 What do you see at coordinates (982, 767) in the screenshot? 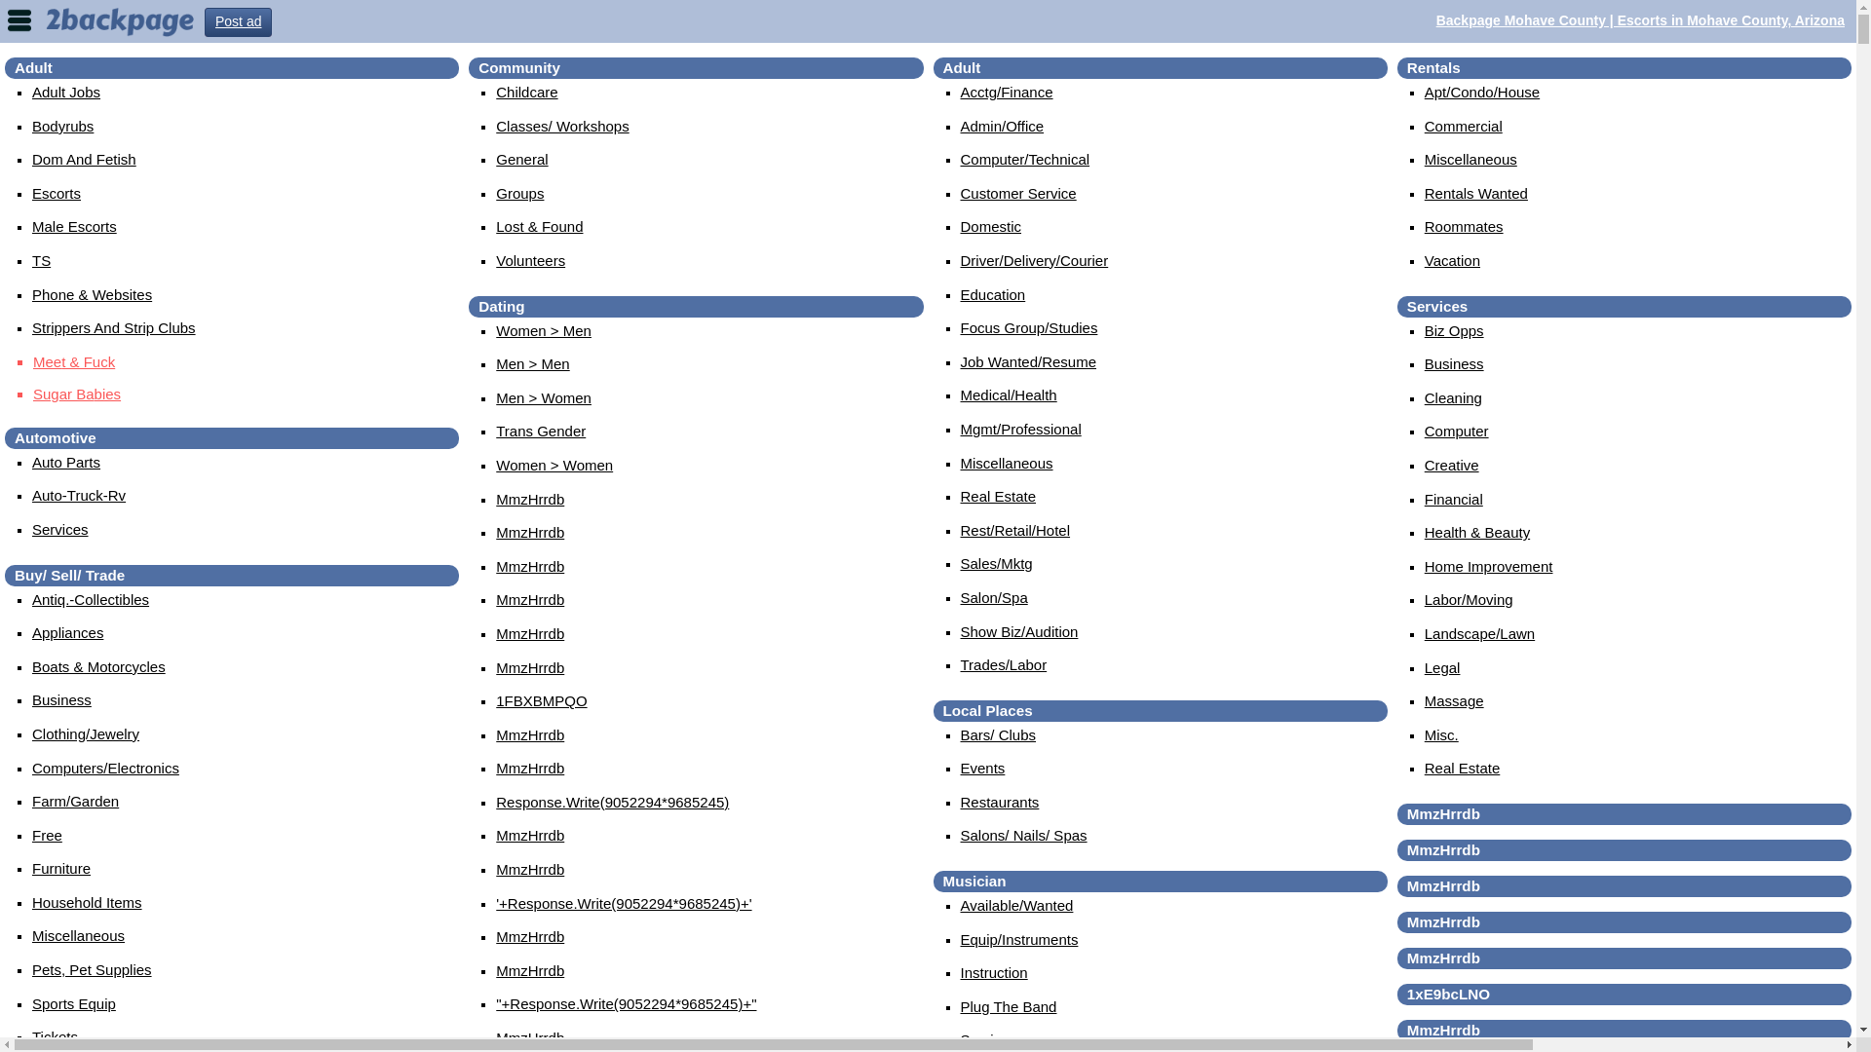
I see `'Events'` at bounding box center [982, 767].